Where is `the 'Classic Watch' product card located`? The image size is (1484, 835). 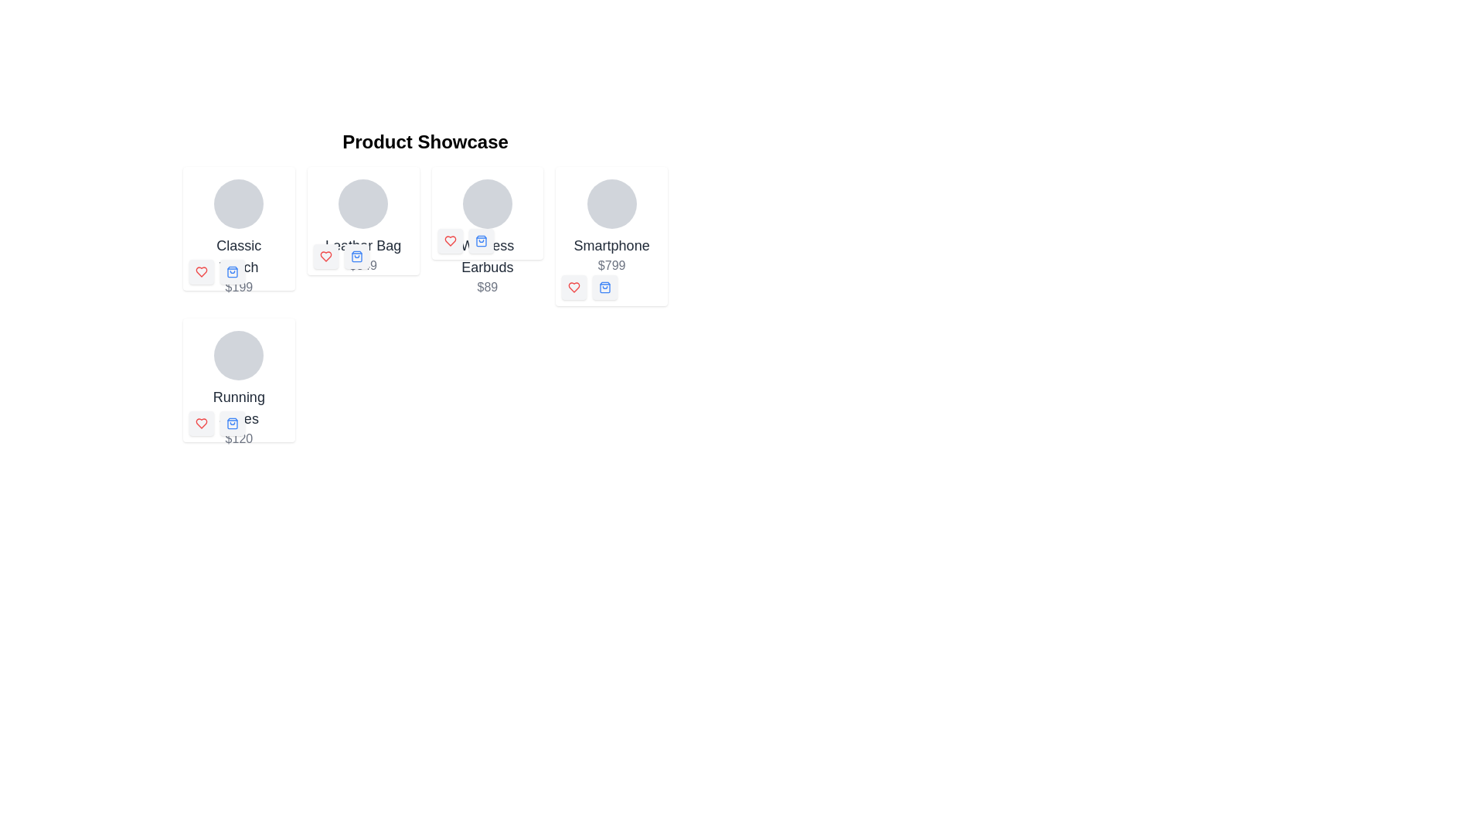
the 'Classic Watch' product card located is located at coordinates (238, 238).